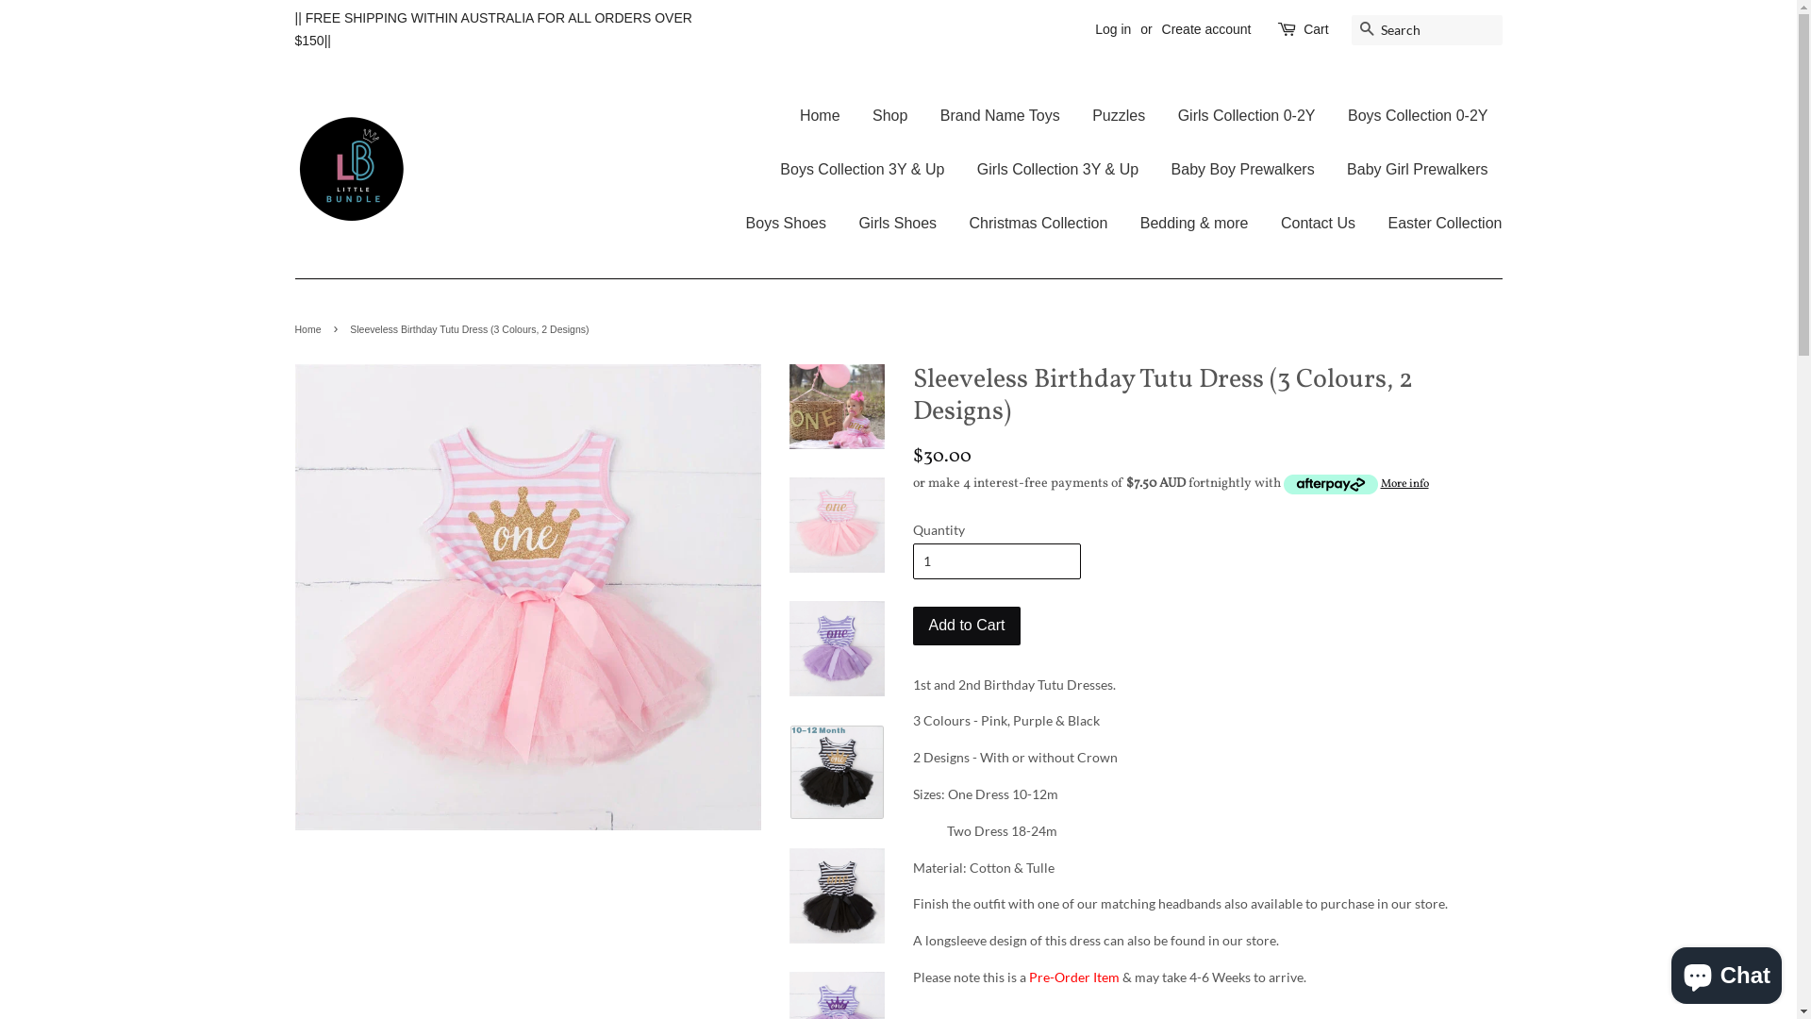 The width and height of the screenshot is (1811, 1019). What do you see at coordinates (1161, 28) in the screenshot?
I see `'Create account'` at bounding box center [1161, 28].